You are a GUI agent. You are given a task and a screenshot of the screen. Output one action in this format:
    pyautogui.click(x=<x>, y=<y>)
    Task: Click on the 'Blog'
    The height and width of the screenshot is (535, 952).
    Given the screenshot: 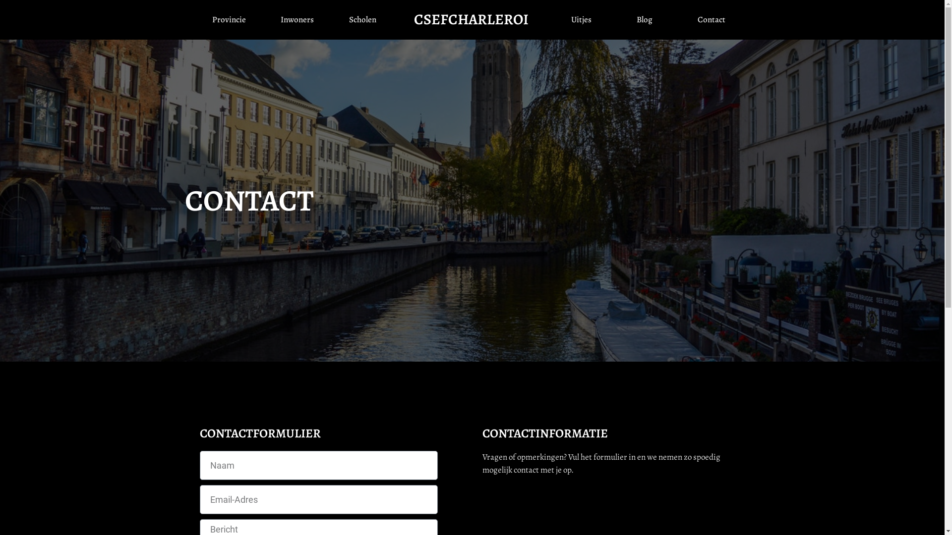 What is the action you would take?
    pyautogui.click(x=613, y=19)
    